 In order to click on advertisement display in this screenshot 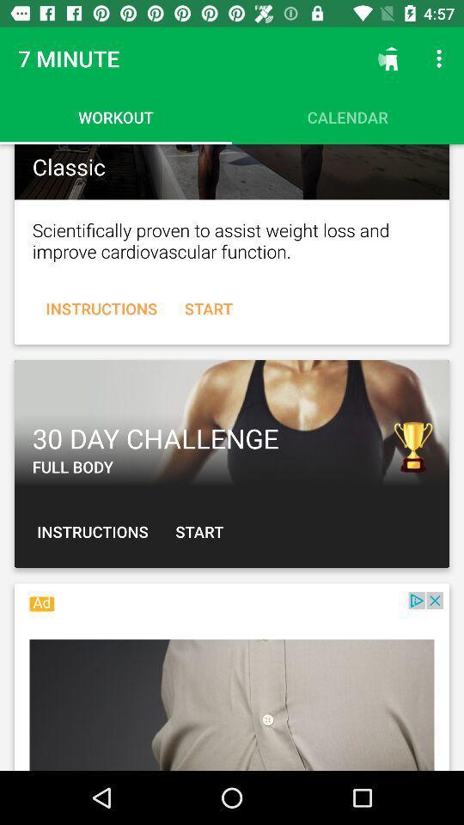, I will do `click(232, 422)`.